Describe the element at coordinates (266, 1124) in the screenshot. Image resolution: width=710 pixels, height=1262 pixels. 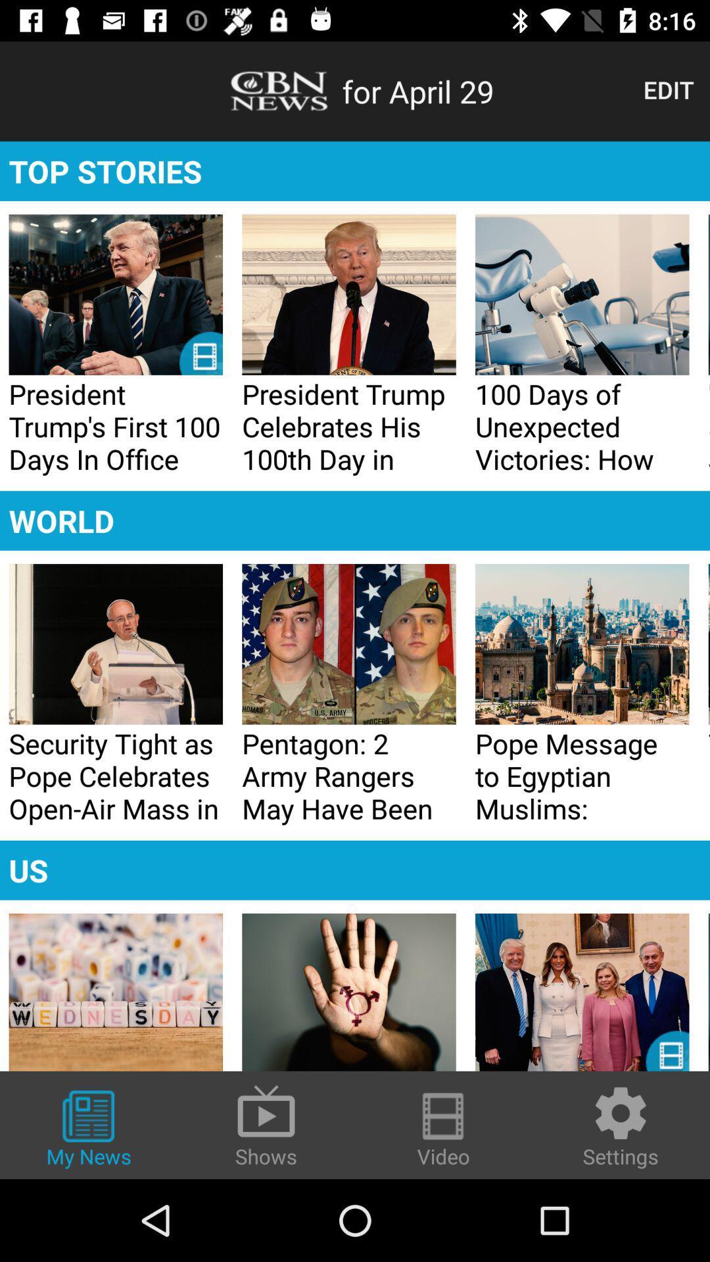
I see `the item to the right of the my news` at that location.